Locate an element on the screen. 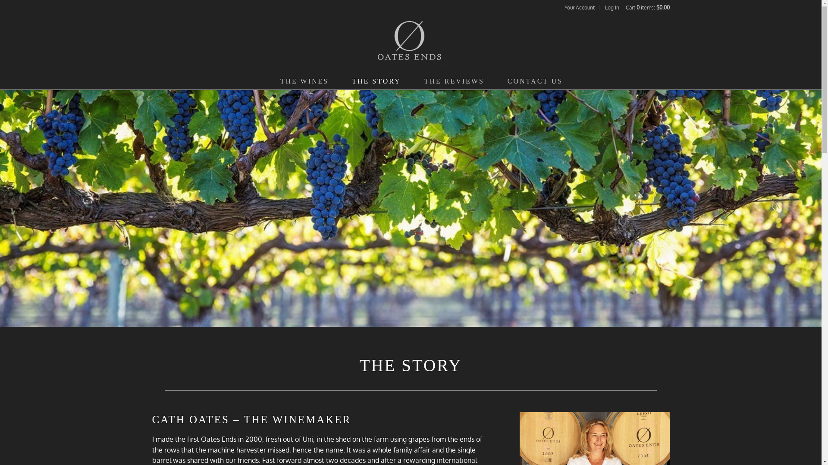 The image size is (828, 465). 'THE REVIEWS' is located at coordinates (454, 81).